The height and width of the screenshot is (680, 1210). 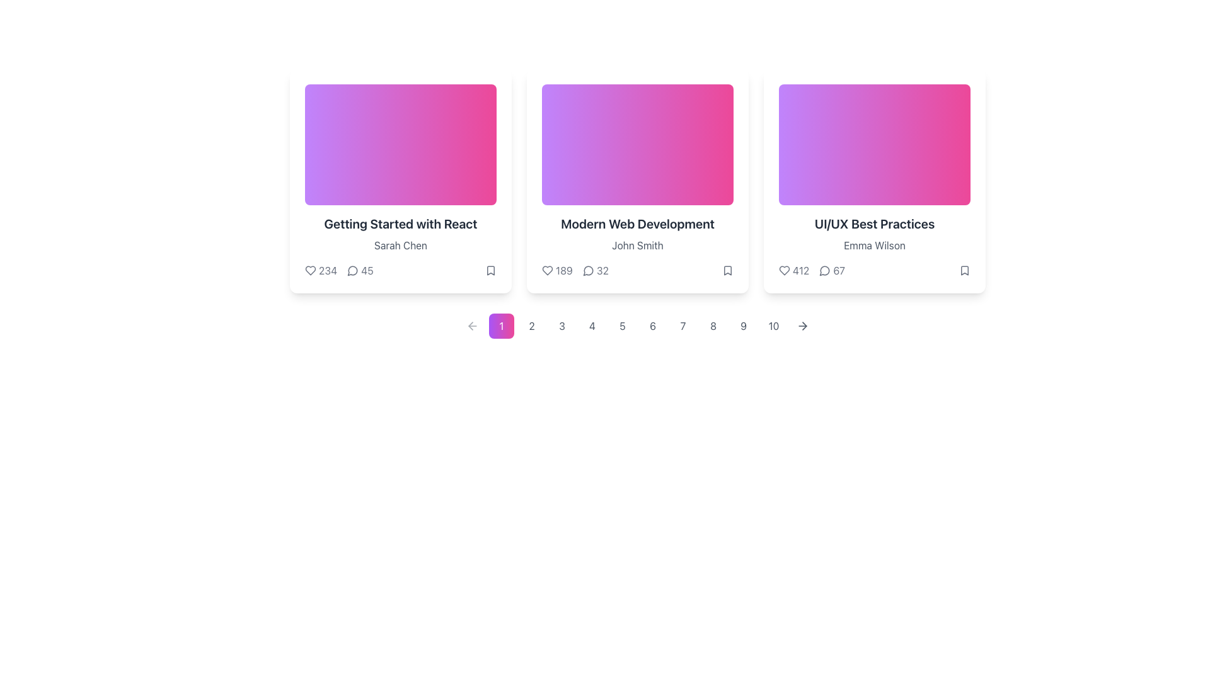 I want to click on the interaction counts displayed in the Information cluster below the title and author name section of the first card, so click(x=338, y=269).